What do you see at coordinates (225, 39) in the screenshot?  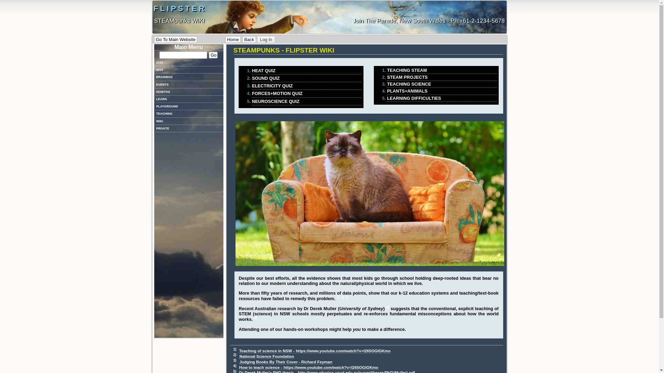 I see `'STEAMPUNKS WIKI wiki home page'` at bounding box center [225, 39].